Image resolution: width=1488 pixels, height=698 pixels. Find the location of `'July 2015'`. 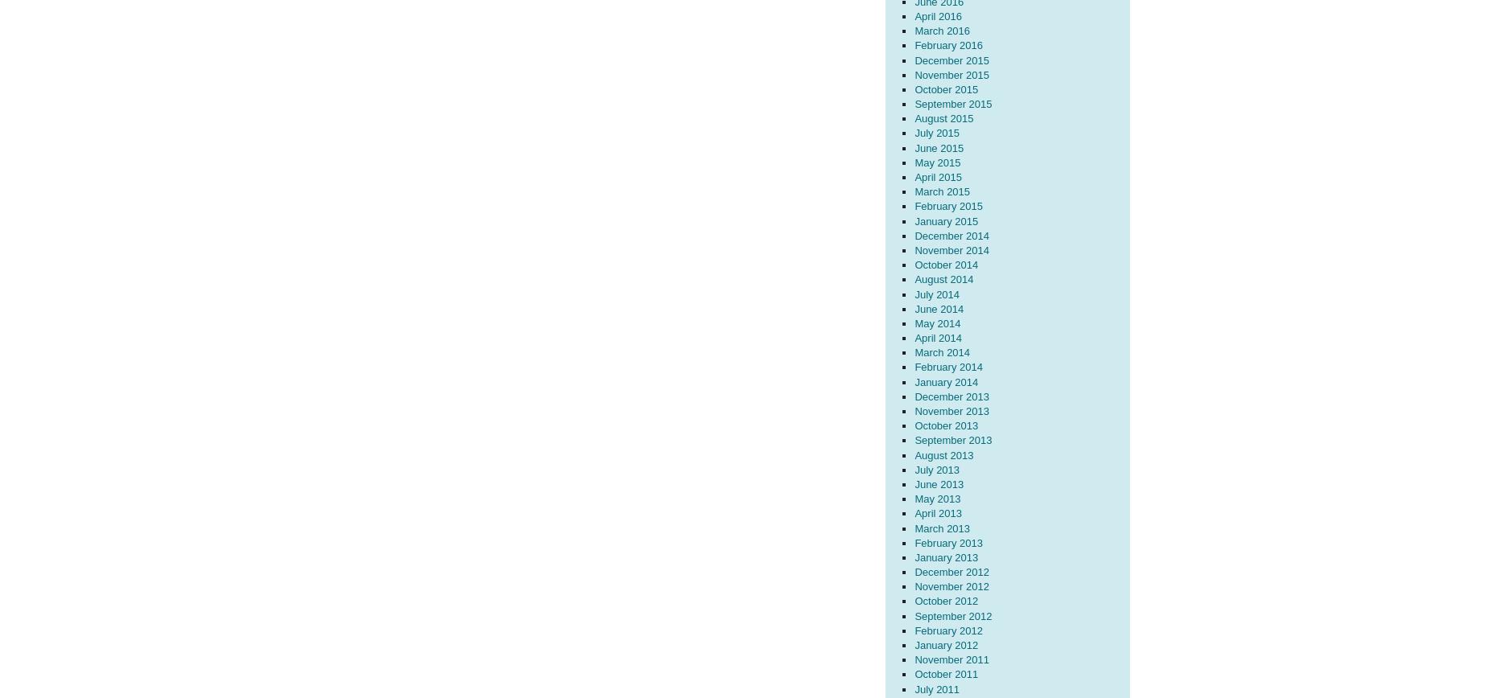

'July 2015' is located at coordinates (935, 133).